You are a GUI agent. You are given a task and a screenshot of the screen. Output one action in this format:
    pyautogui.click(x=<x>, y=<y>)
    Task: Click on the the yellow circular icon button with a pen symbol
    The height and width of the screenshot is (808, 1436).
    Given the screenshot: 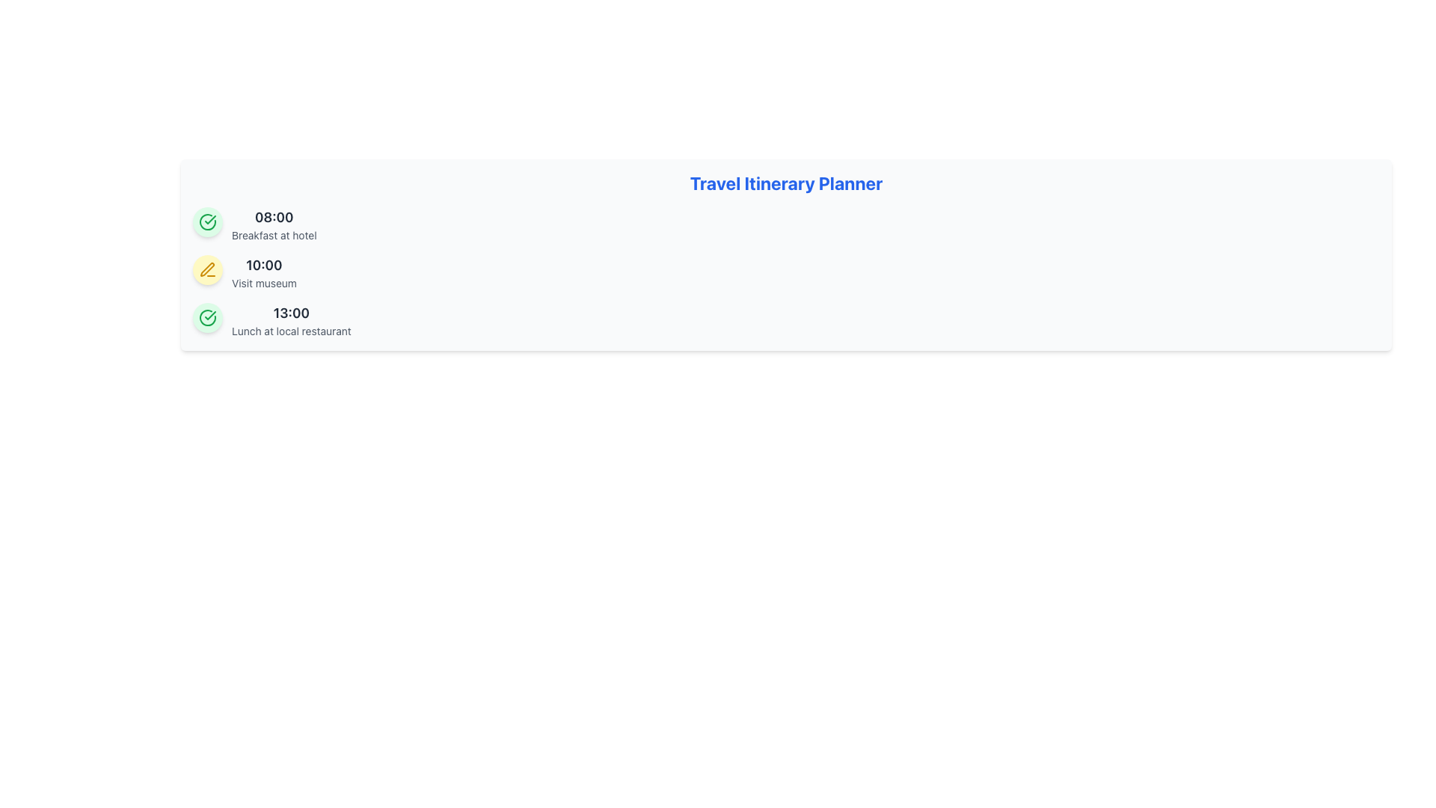 What is the action you would take?
    pyautogui.click(x=207, y=270)
    